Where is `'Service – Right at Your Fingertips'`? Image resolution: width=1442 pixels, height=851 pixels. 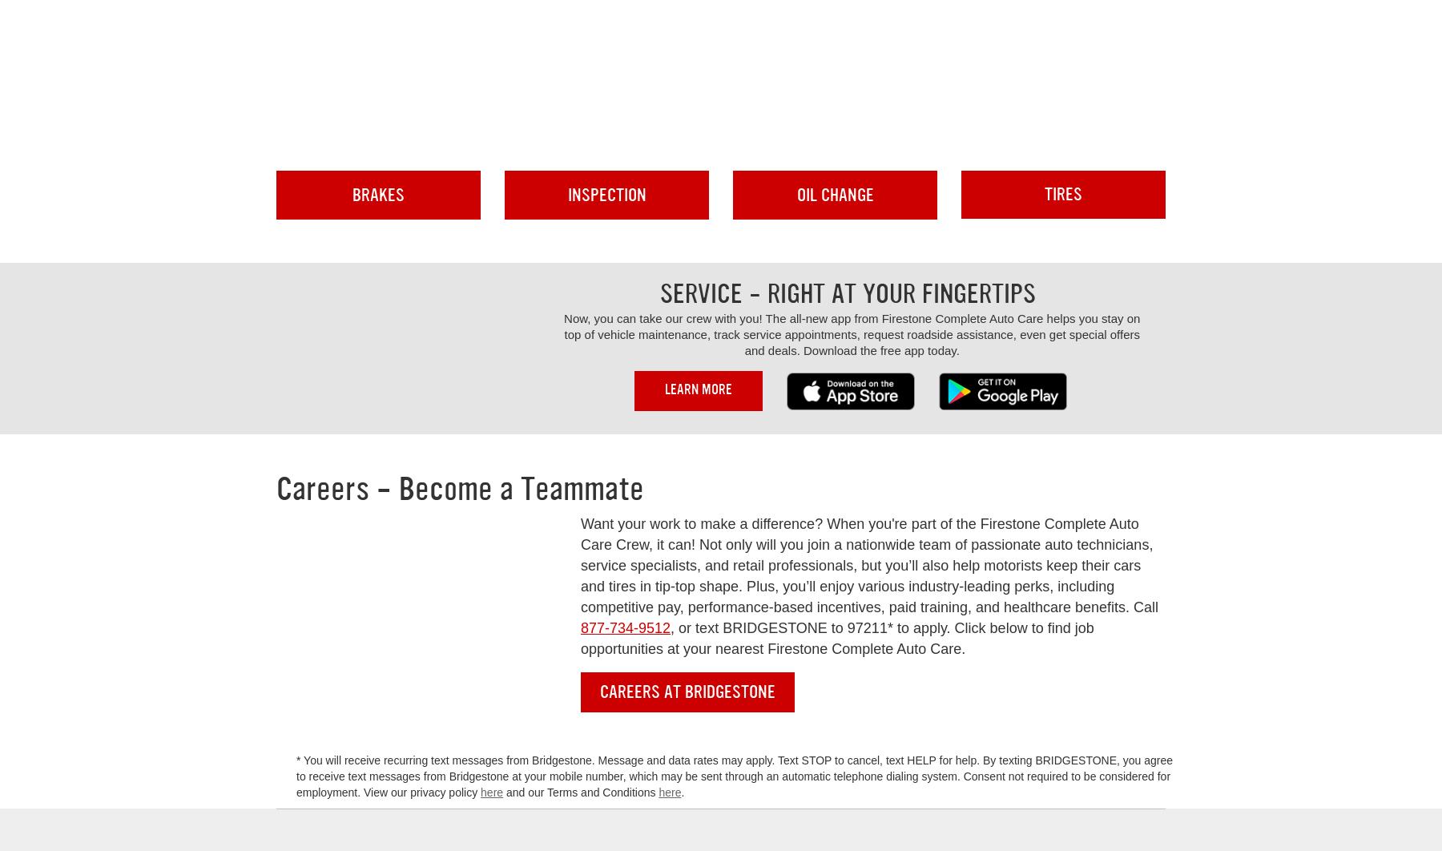
'Service – Right at Your Fingertips' is located at coordinates (848, 293).